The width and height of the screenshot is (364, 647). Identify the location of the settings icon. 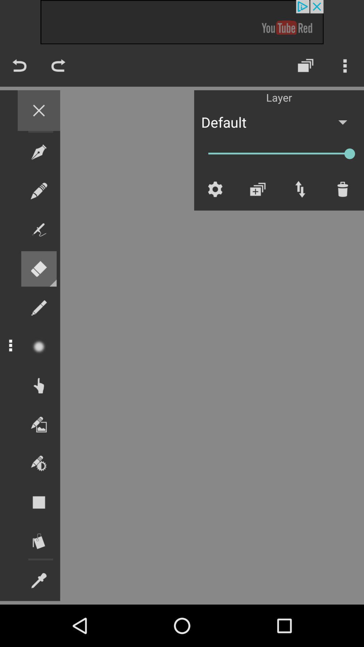
(215, 189).